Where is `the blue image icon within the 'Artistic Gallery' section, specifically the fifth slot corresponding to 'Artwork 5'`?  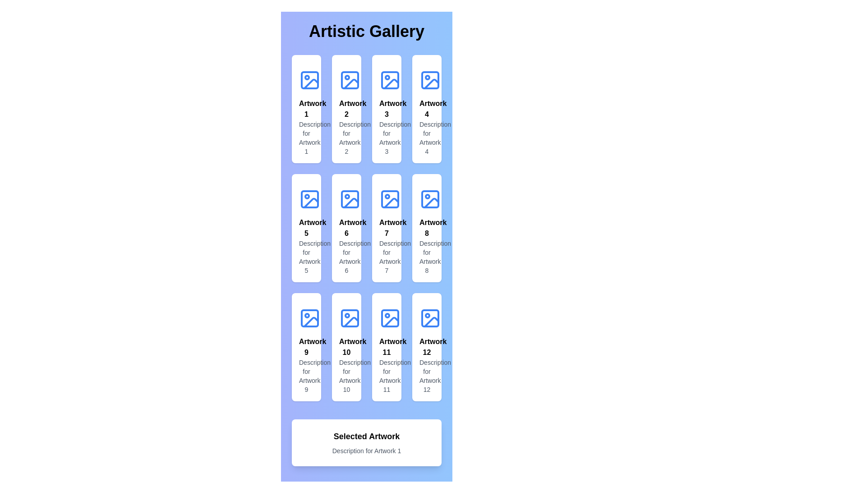
the blue image icon within the 'Artistic Gallery' section, specifically the fifth slot corresponding to 'Artwork 5' is located at coordinates (309, 199).